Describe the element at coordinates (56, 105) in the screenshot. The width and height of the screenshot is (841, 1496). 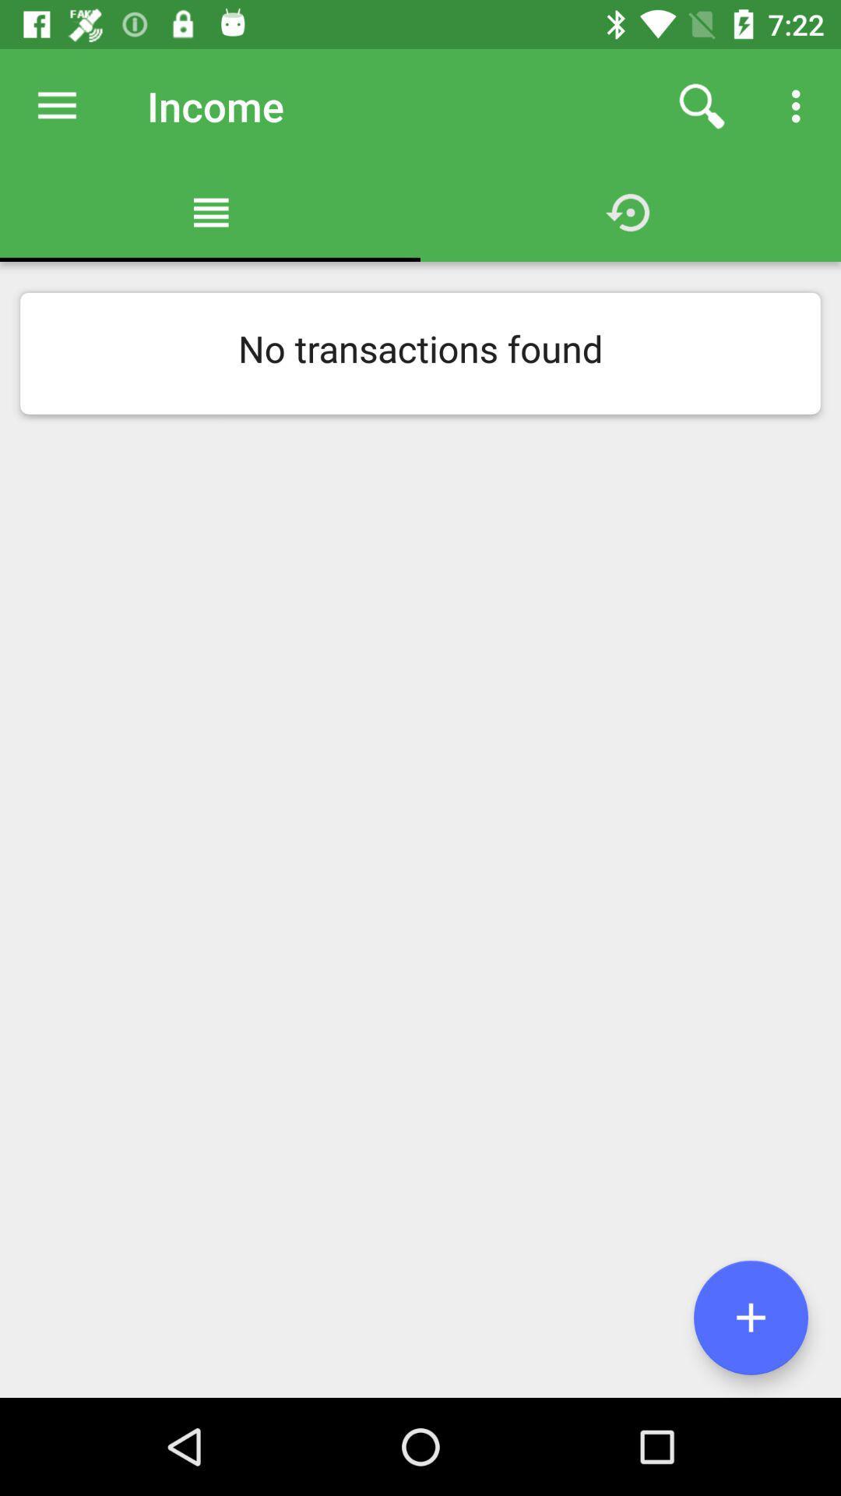
I see `the item next to income` at that location.